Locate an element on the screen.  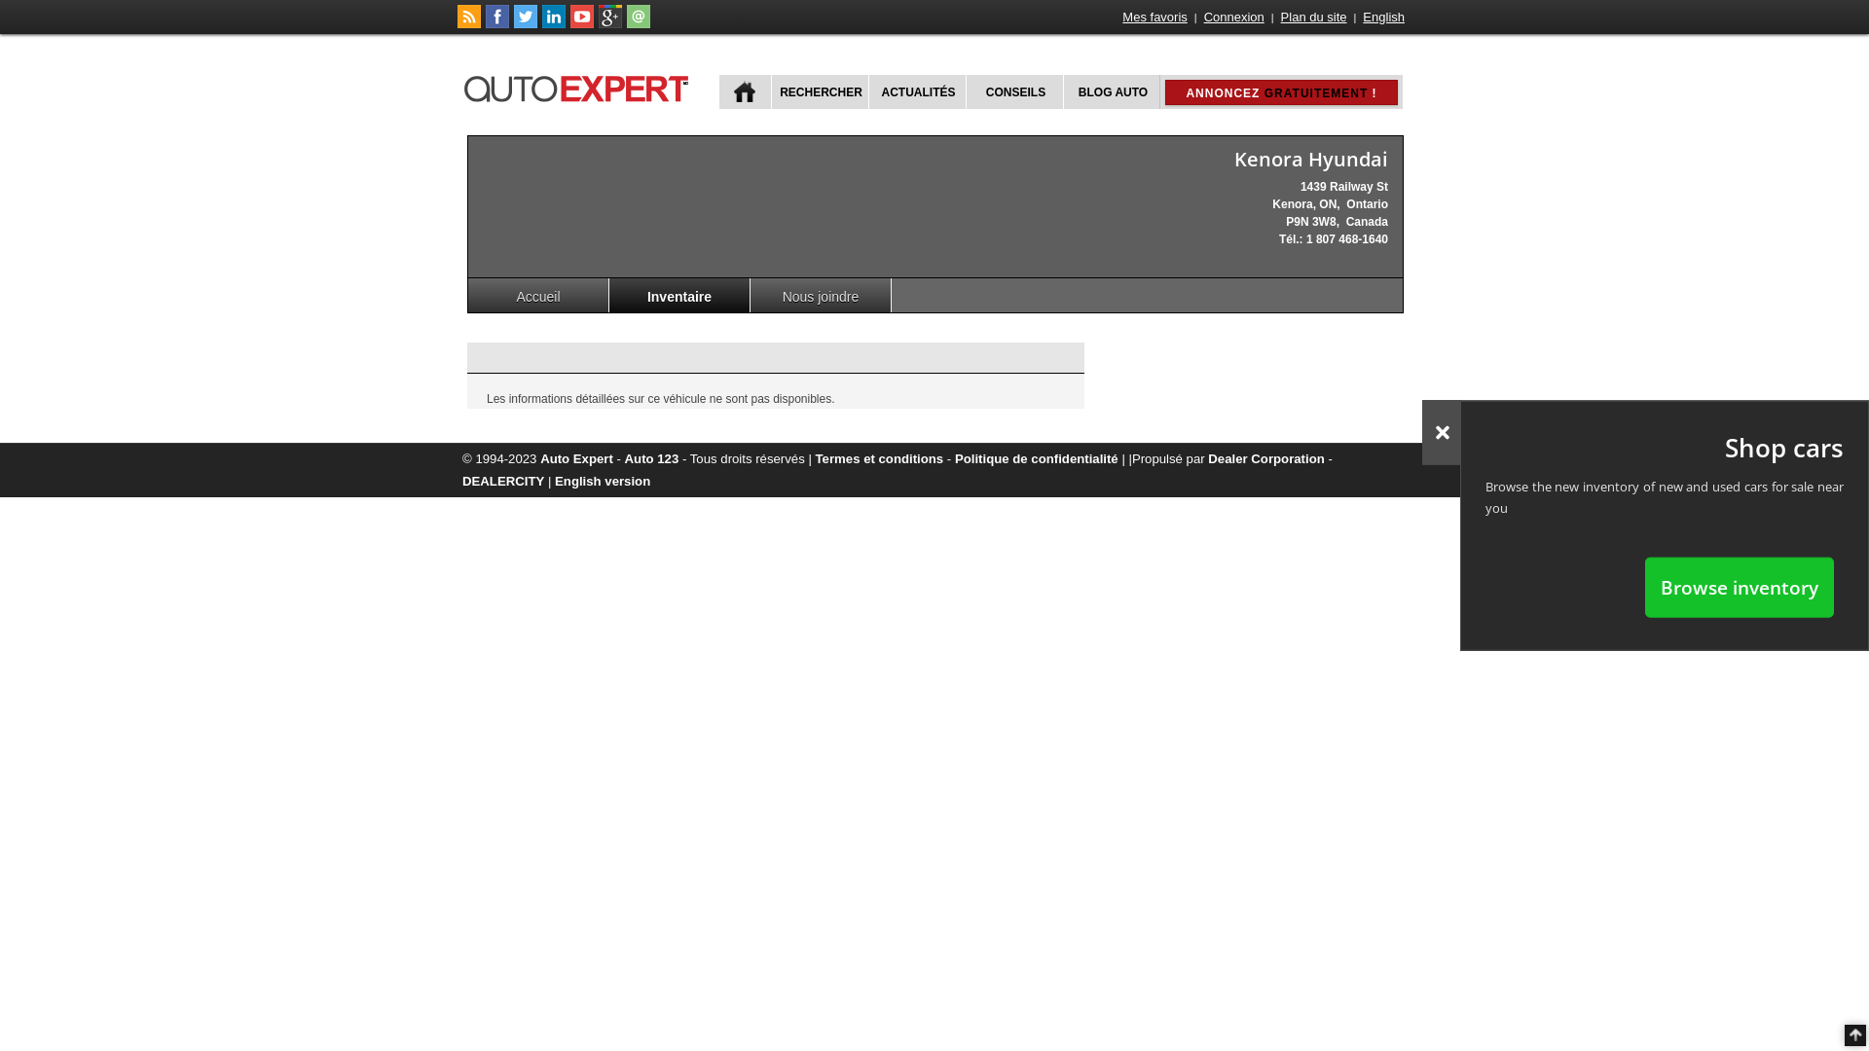
'Termes et conditions' is located at coordinates (878, 458).